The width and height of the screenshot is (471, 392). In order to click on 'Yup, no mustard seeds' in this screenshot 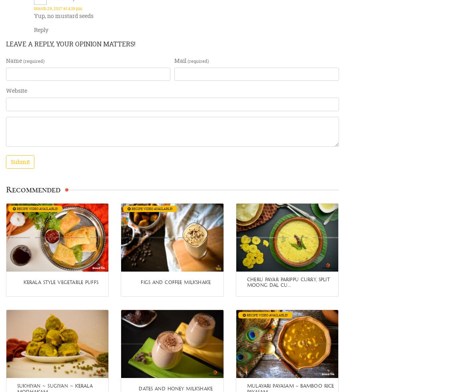, I will do `click(34, 16)`.